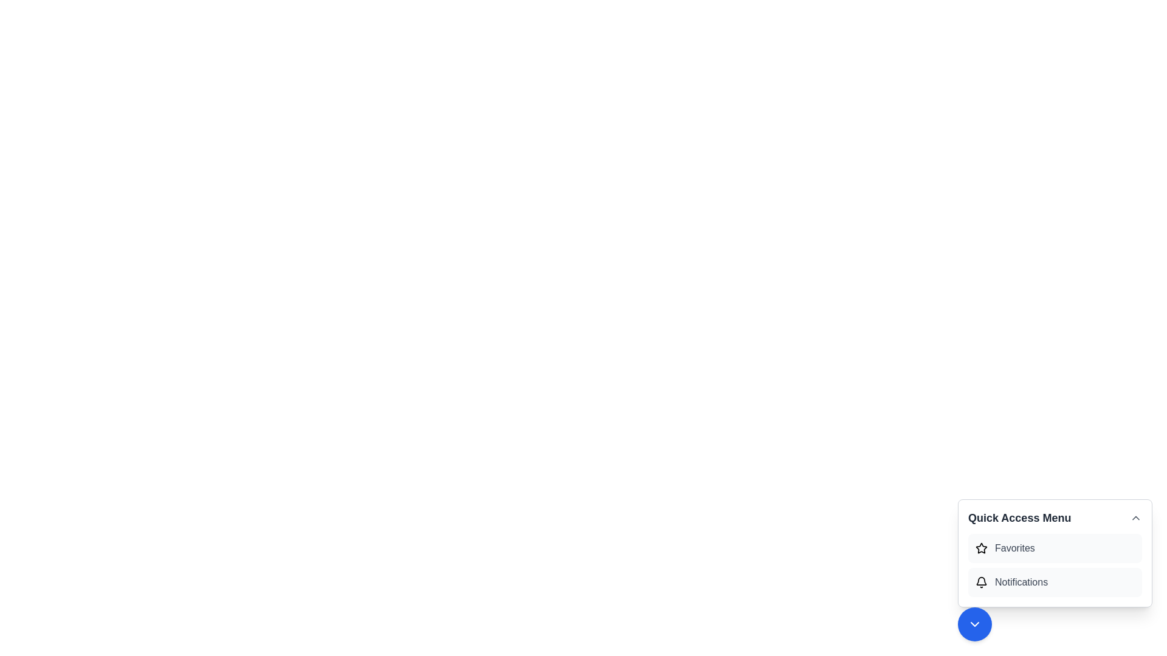 The height and width of the screenshot is (656, 1167). What do you see at coordinates (1055, 548) in the screenshot?
I see `the first menu item in the 'Quick Access Menu' card` at bounding box center [1055, 548].